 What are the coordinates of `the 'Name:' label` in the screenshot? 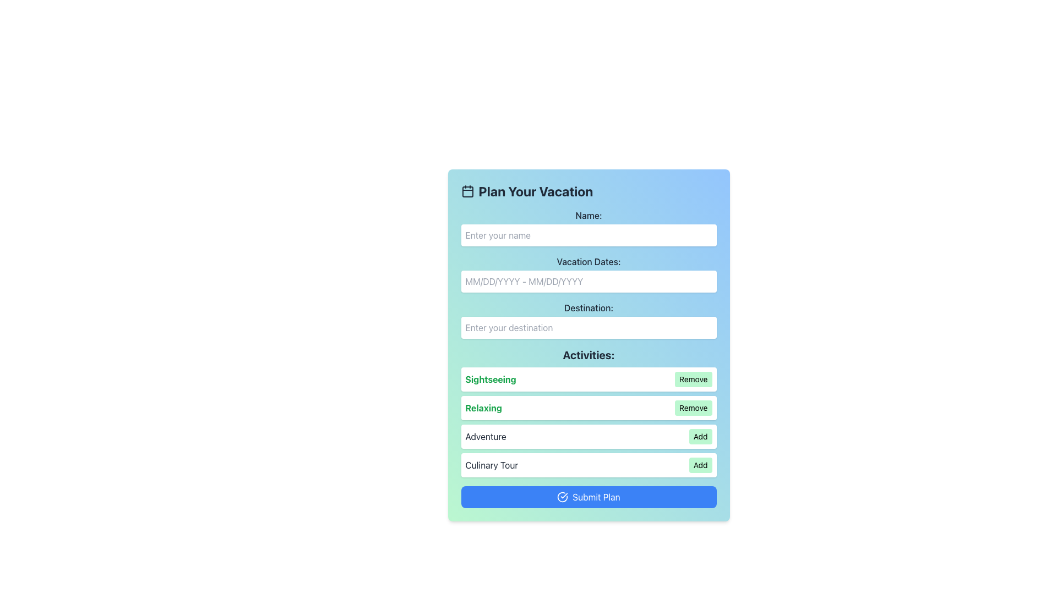 It's located at (588, 227).